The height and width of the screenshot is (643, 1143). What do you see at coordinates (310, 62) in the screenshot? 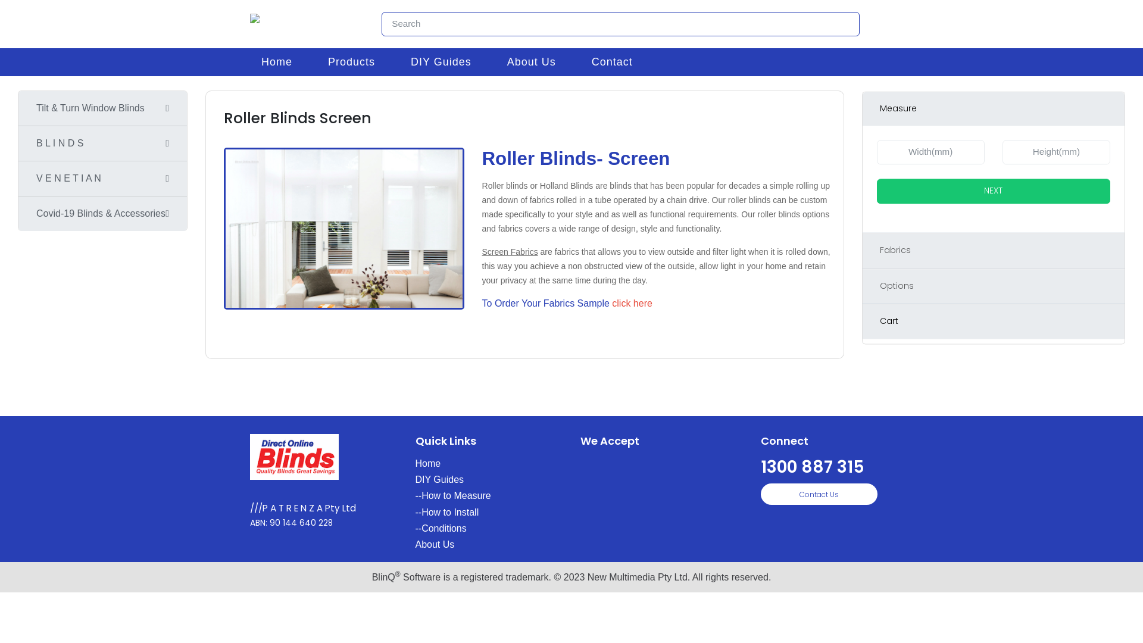
I see `'Products'` at bounding box center [310, 62].